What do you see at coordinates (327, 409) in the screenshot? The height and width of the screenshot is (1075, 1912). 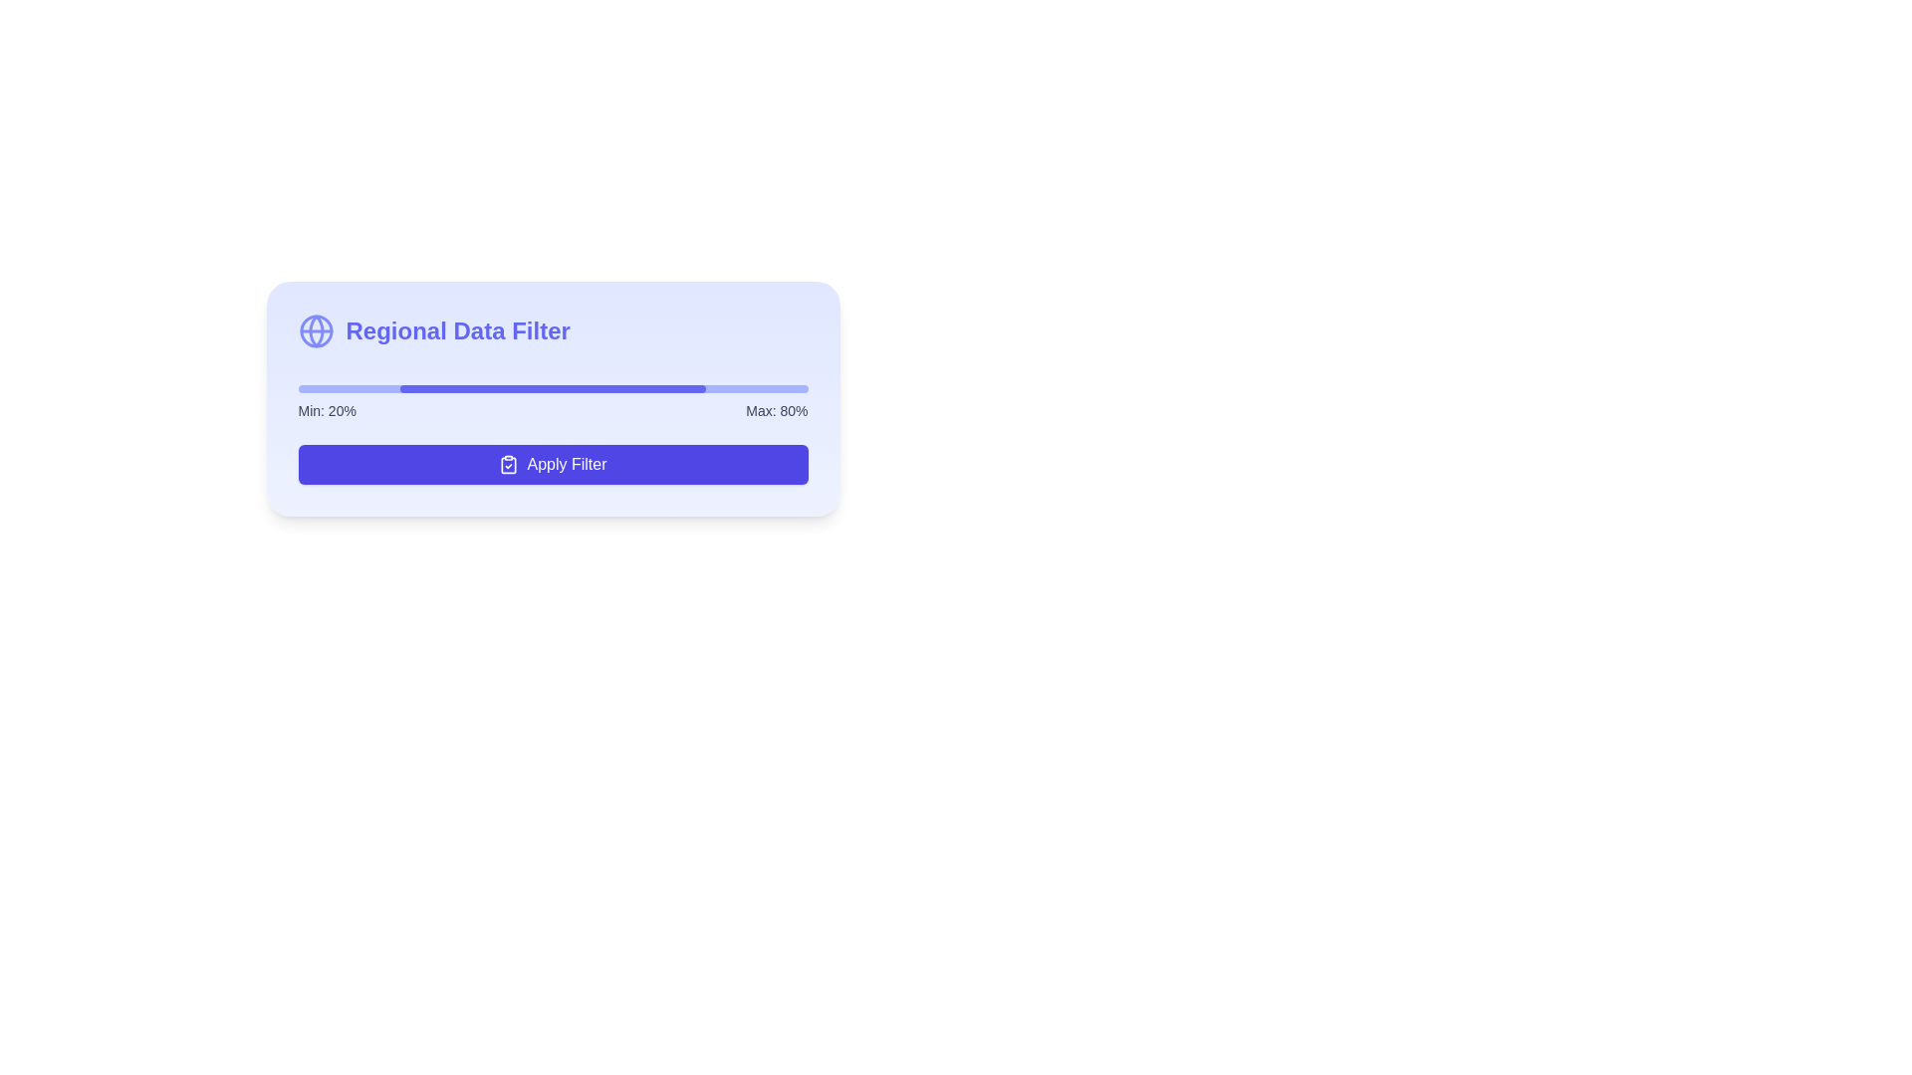 I see `the textual label displaying 'Min: 20%' which is located at the bottom of a card-like component containing a slider` at bounding box center [327, 409].